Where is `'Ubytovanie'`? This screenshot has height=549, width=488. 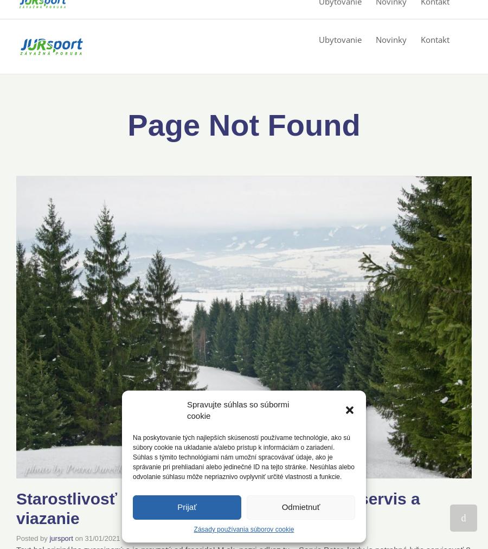 'Ubytovanie' is located at coordinates (340, 39).